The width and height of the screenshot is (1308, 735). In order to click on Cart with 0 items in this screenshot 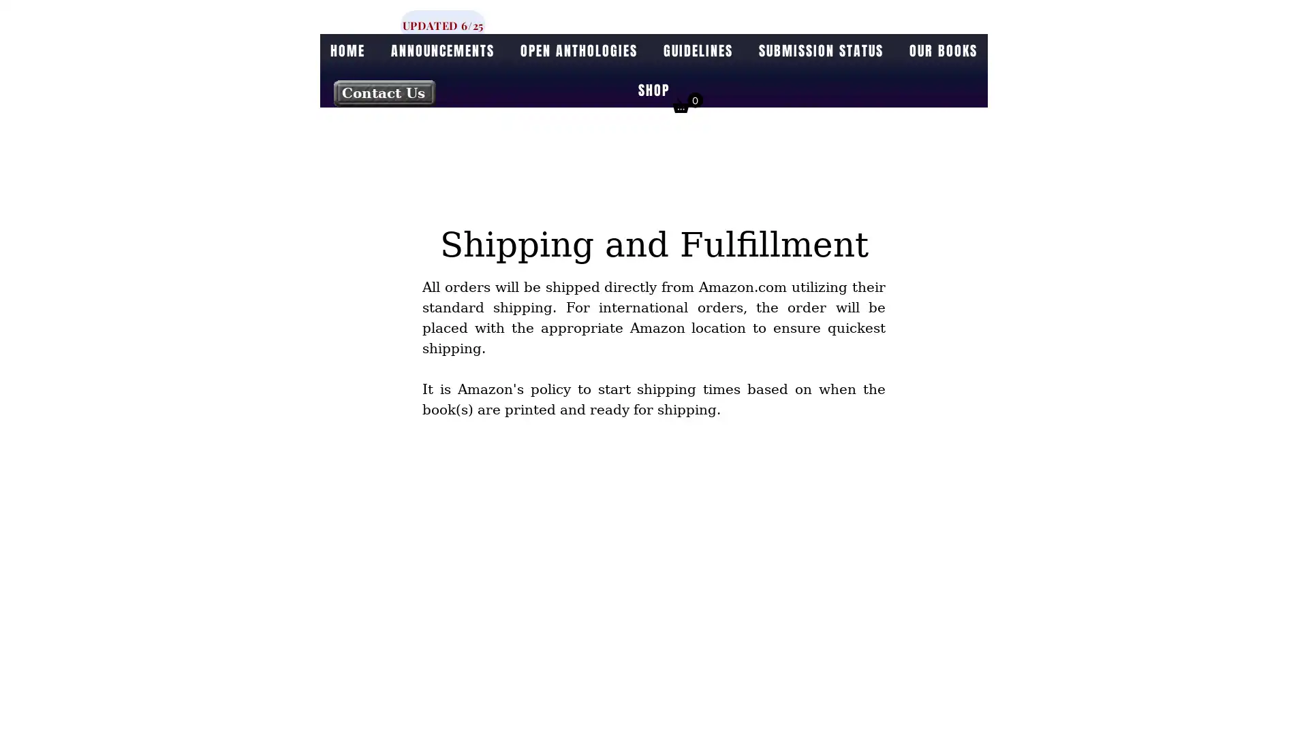, I will do `click(687, 101)`.